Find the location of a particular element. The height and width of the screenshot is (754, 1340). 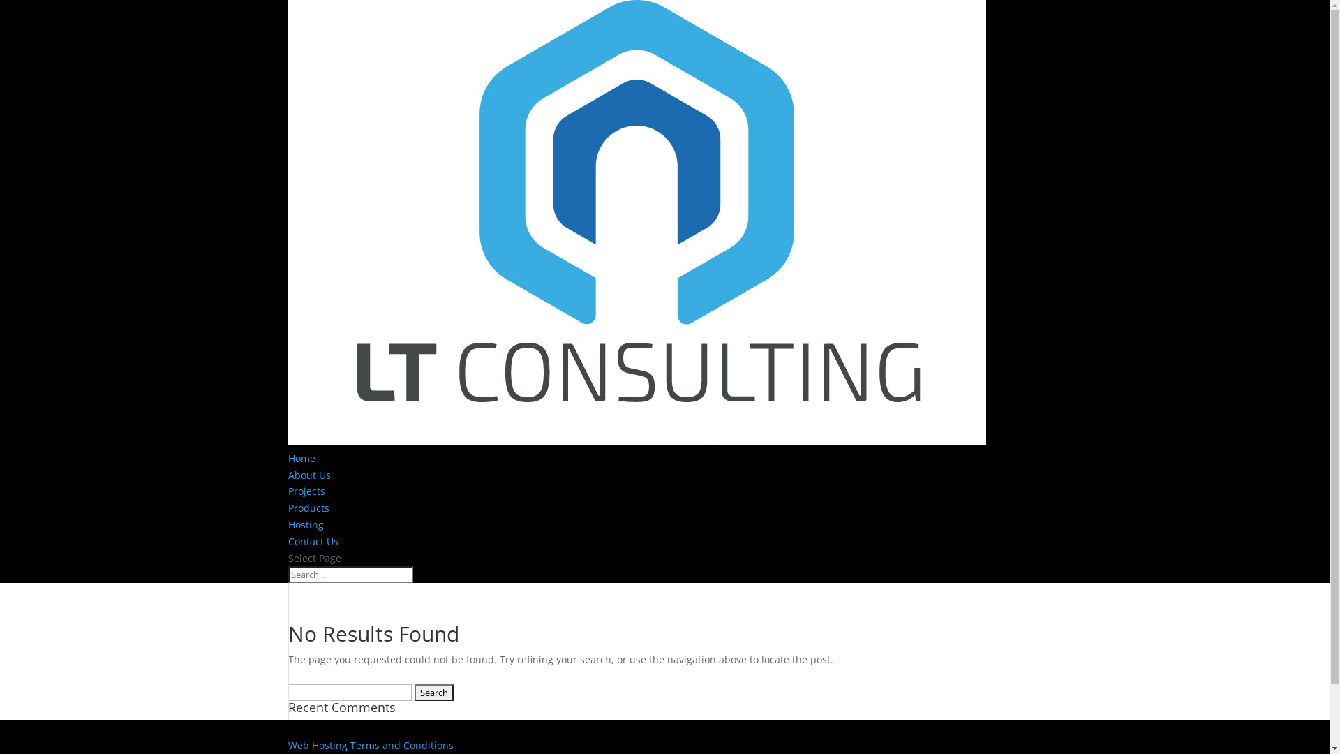

'Home' is located at coordinates (300, 458).